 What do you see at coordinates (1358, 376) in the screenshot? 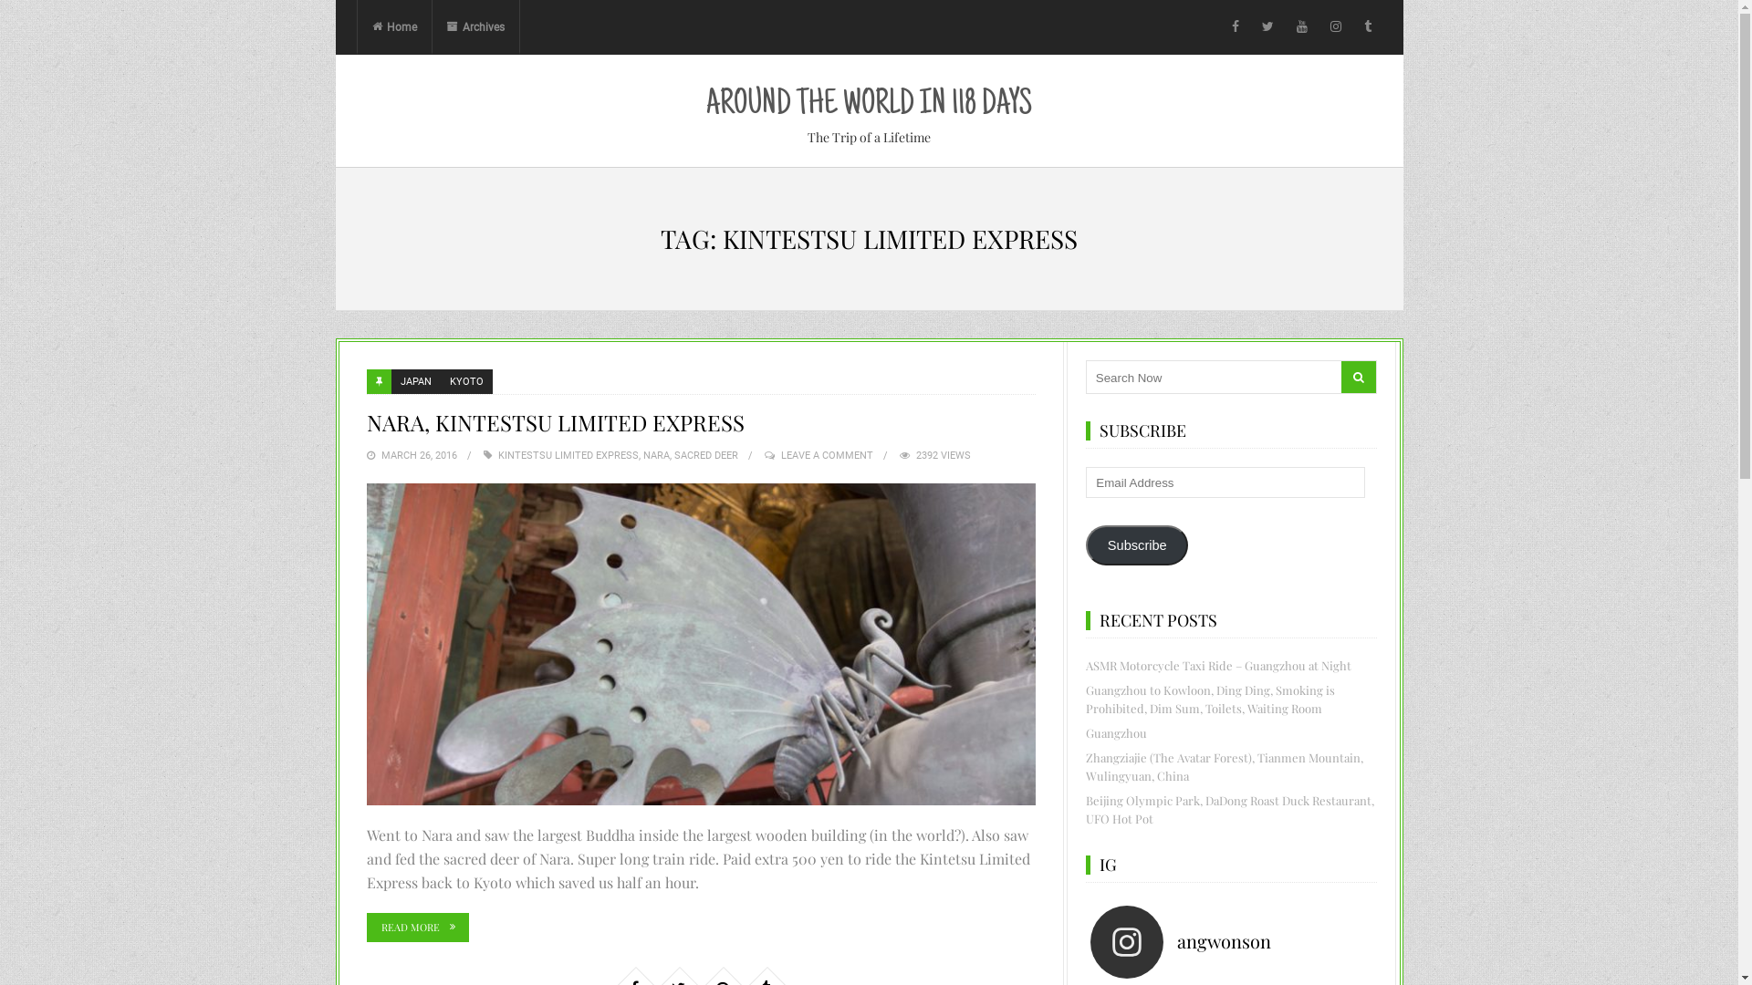
I see `'Search'` at bounding box center [1358, 376].